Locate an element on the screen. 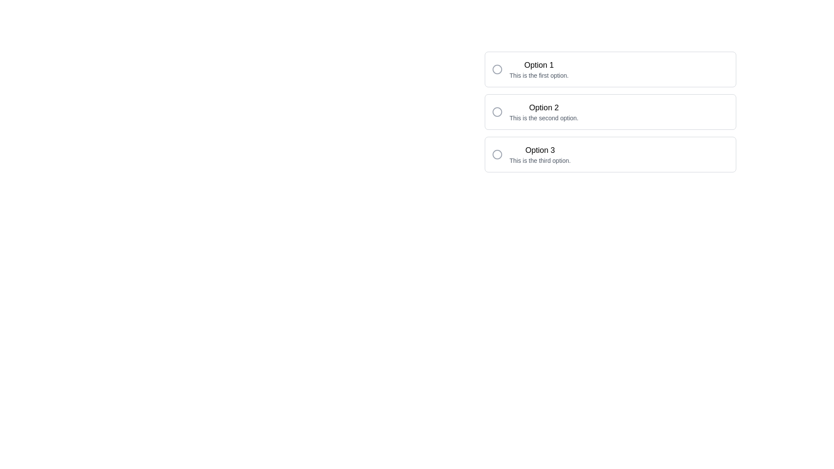  the selectable card representing 'Option 3' to emphasize its selection in the vertical list of options is located at coordinates (610, 154).